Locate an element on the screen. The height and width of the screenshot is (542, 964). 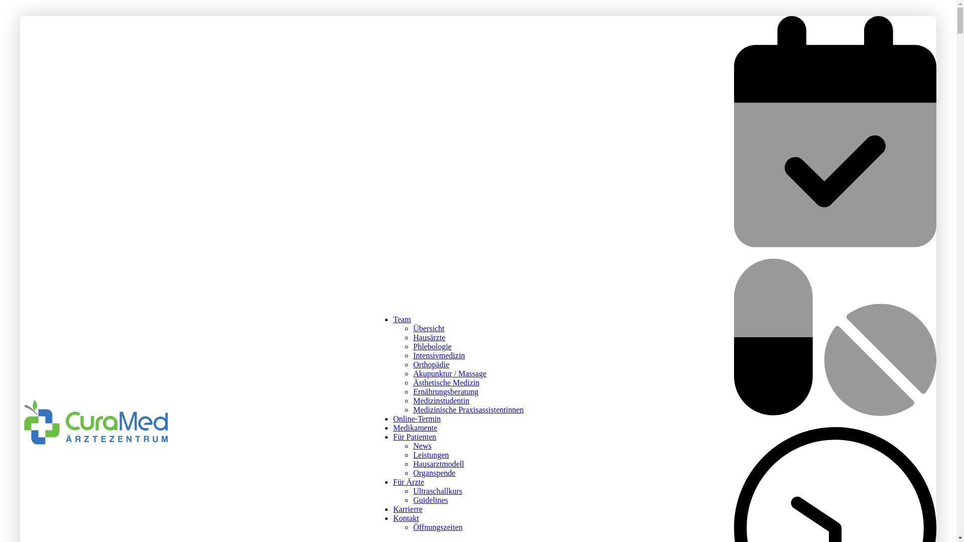
'Kontakt' is located at coordinates (406, 518).